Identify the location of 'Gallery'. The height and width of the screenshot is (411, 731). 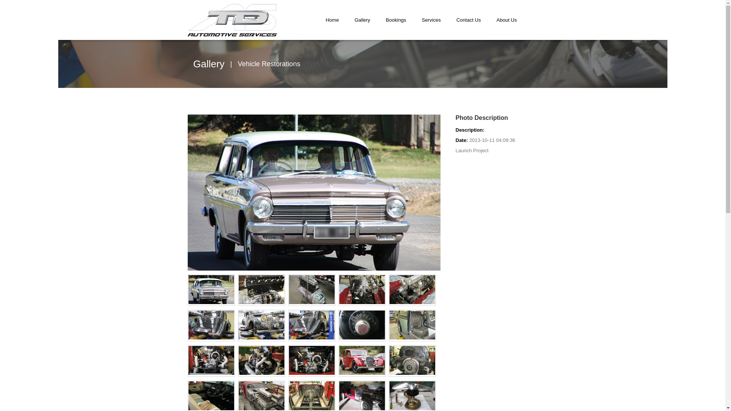
(346, 19).